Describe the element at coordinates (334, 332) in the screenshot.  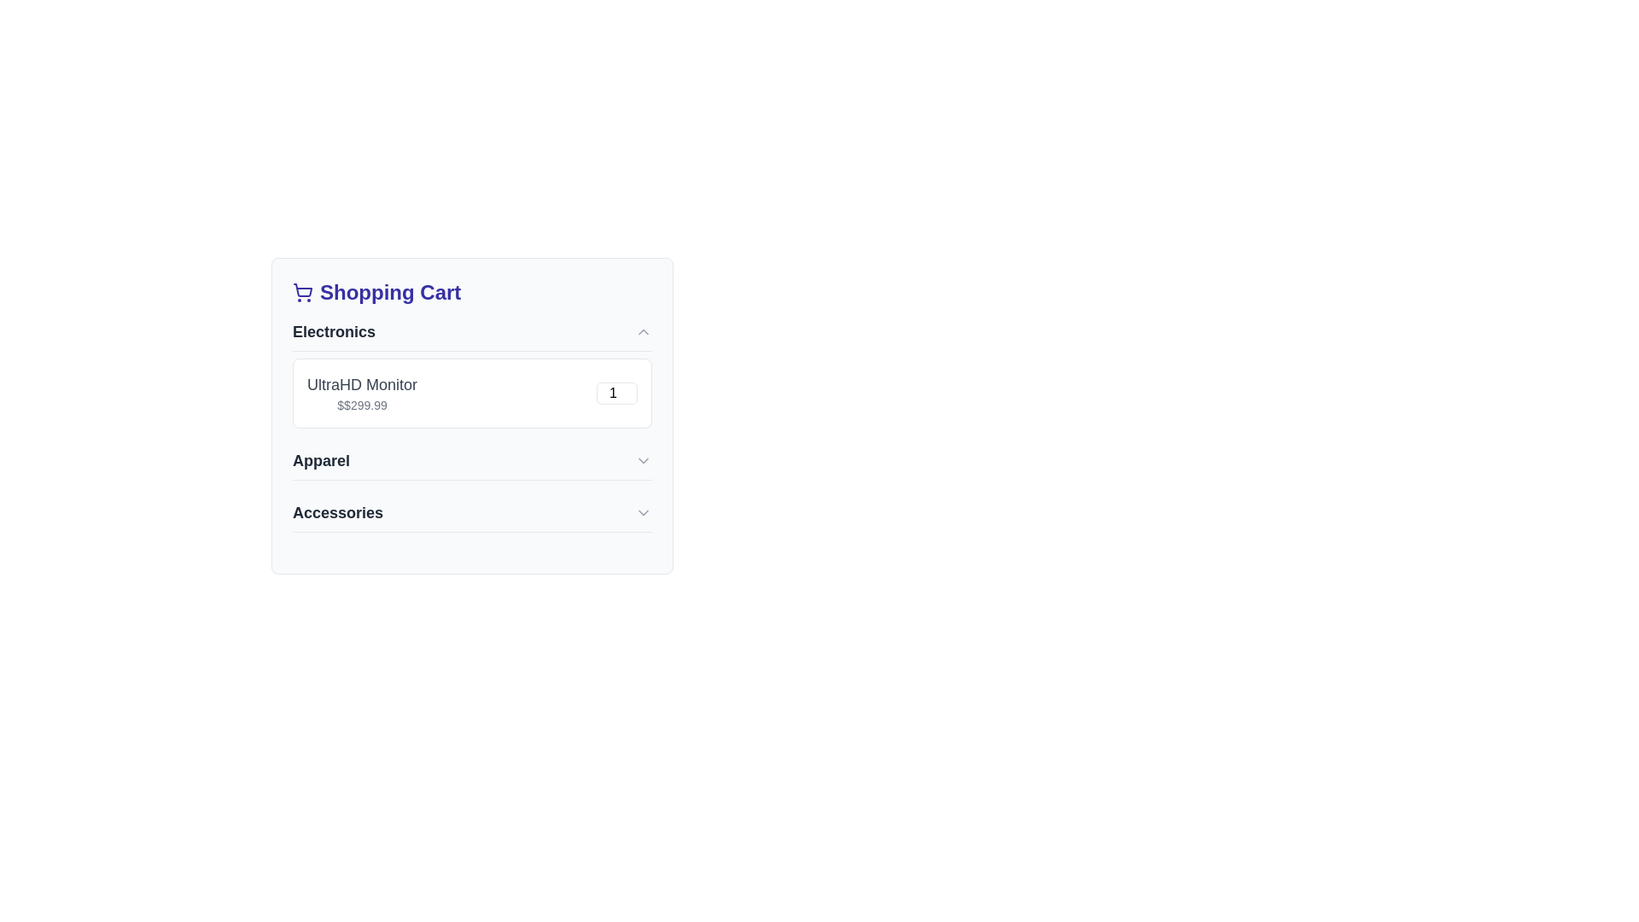
I see `the 'Electronics' text label, which is a large, bold, dark gray font element positioned under the 'Shopping Cart' header` at that location.